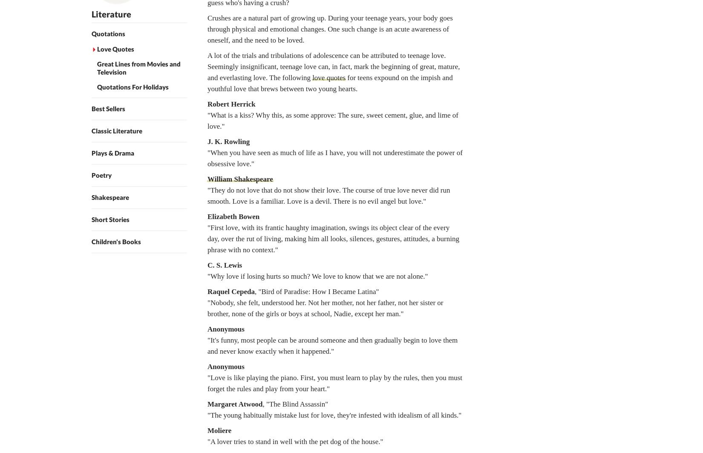 This screenshot has height=453, width=703. I want to click on 'Moliere', so click(219, 430).